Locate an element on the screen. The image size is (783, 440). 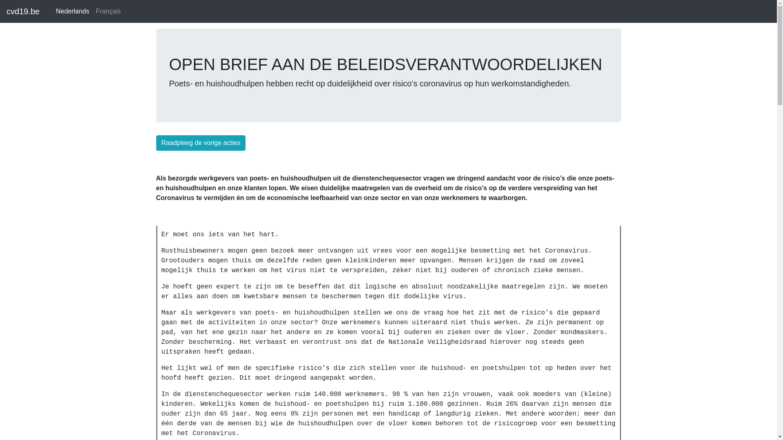
'cvd19.be' is located at coordinates (23, 11).